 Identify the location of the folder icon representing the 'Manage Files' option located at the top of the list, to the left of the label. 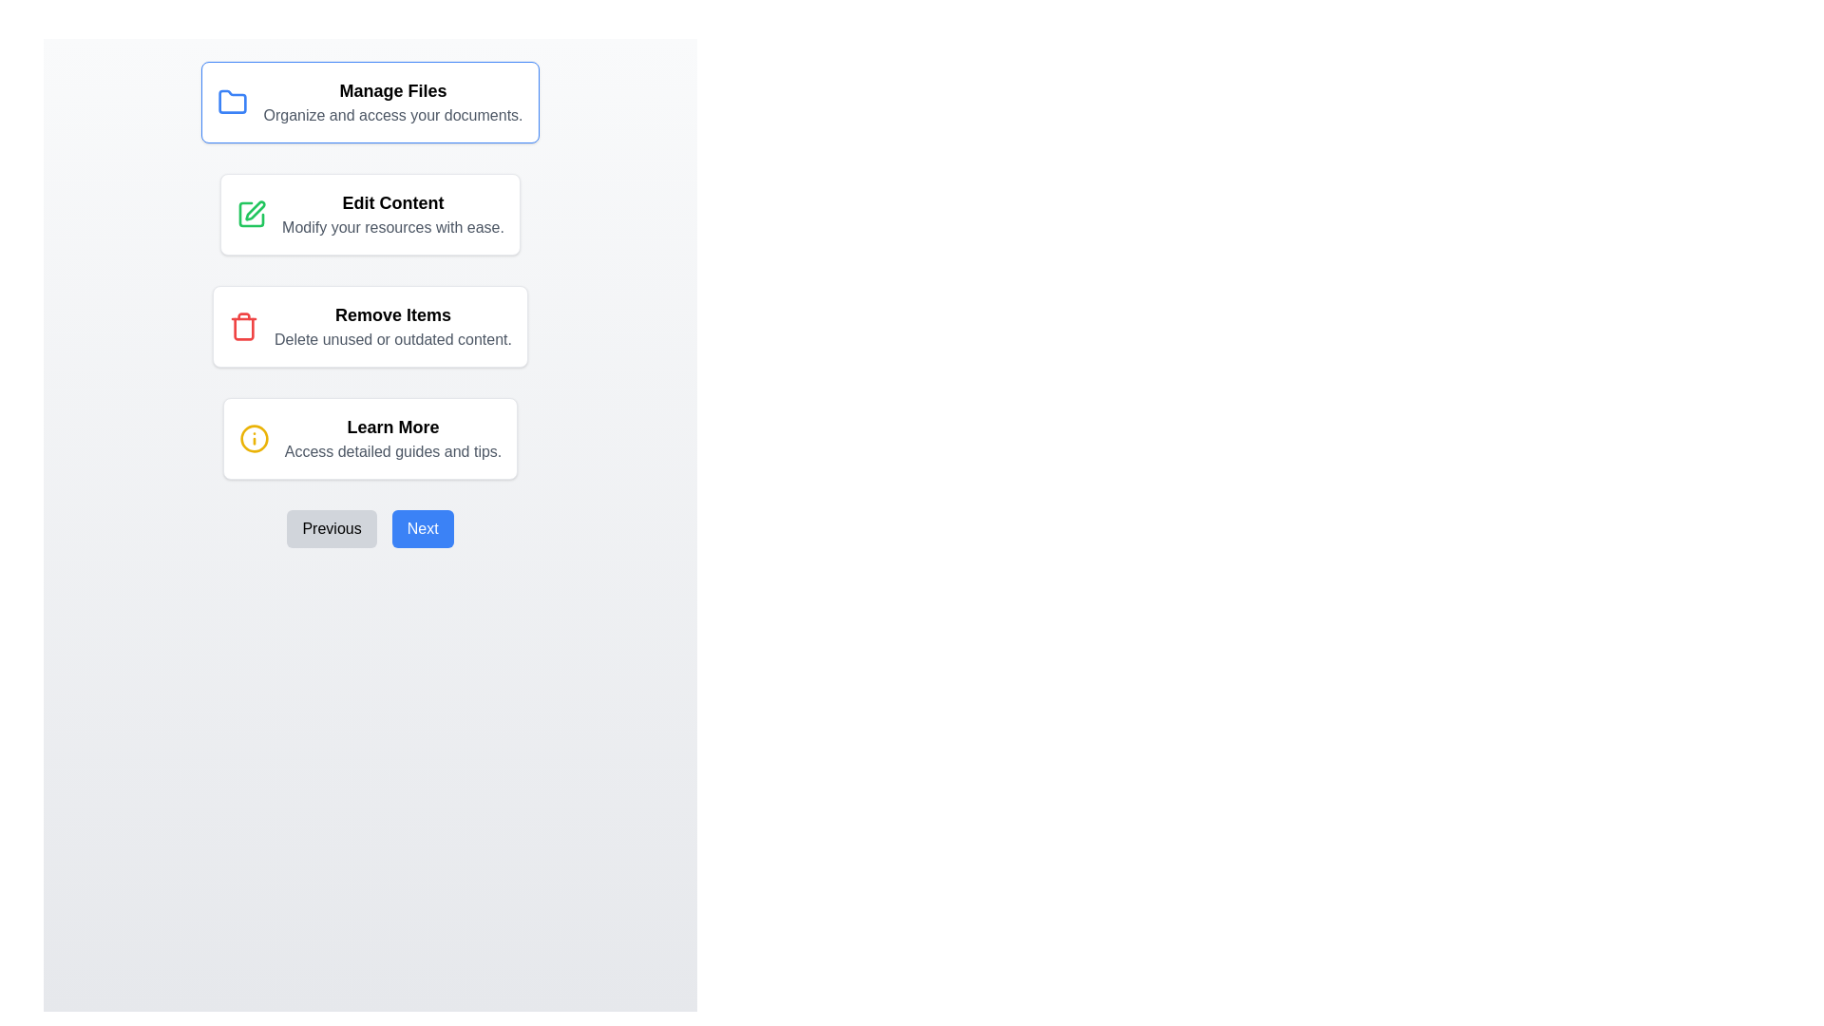
(232, 102).